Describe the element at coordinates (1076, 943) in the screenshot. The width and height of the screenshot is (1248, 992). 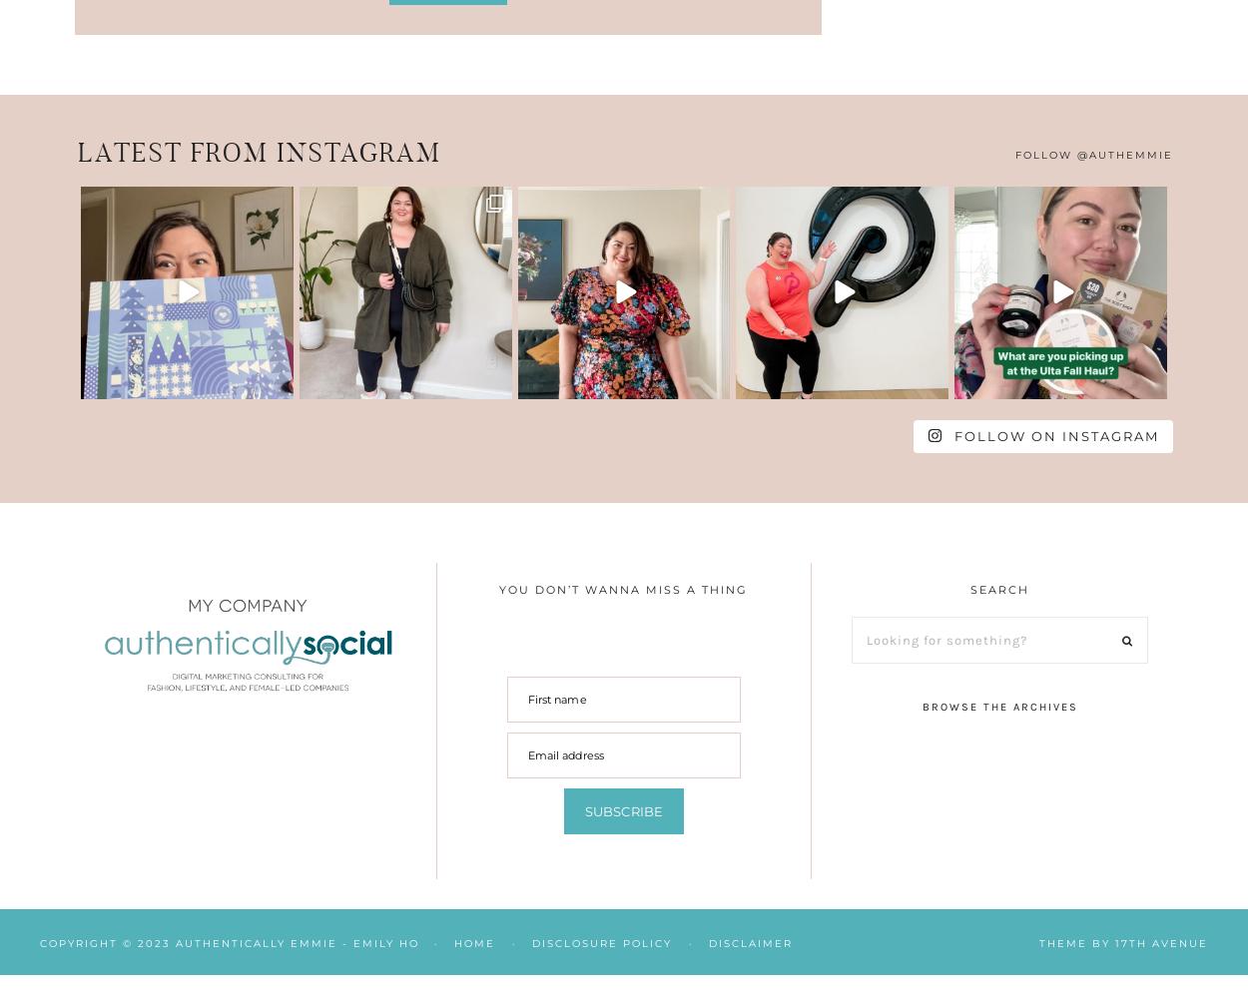
I see `'Theme by'` at that location.